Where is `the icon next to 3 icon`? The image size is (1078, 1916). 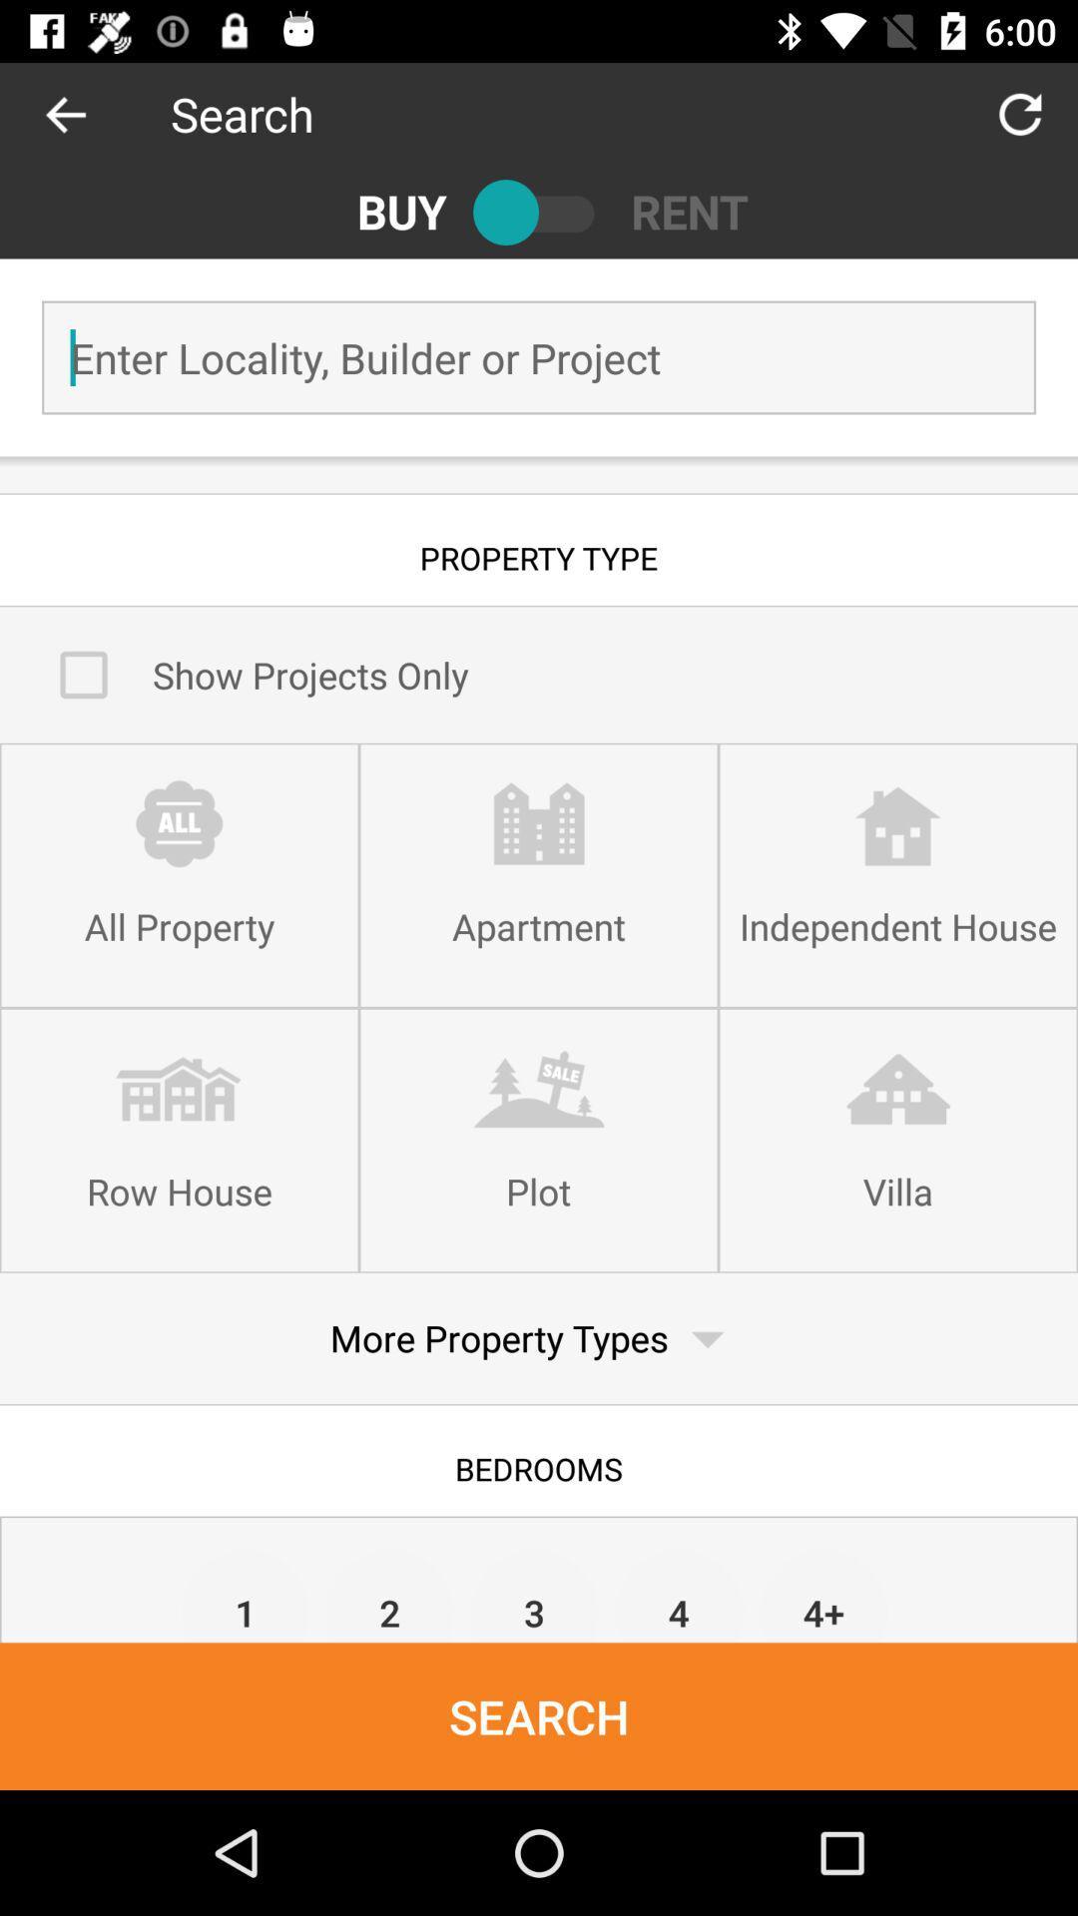 the icon next to 3 icon is located at coordinates (390, 1594).